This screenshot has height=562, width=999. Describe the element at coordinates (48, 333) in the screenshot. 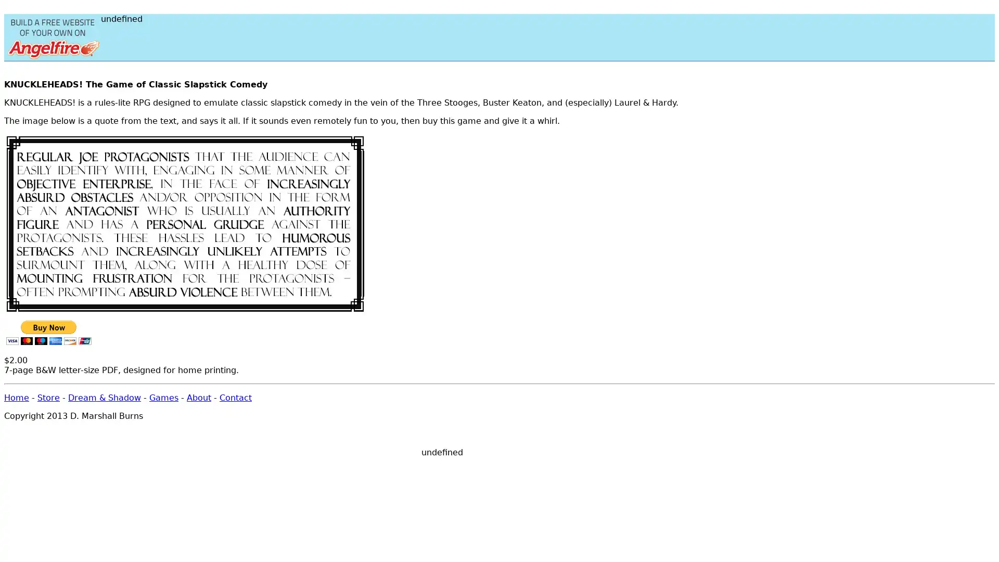

I see `PayPal - The safer, easier way to pay online!` at that location.